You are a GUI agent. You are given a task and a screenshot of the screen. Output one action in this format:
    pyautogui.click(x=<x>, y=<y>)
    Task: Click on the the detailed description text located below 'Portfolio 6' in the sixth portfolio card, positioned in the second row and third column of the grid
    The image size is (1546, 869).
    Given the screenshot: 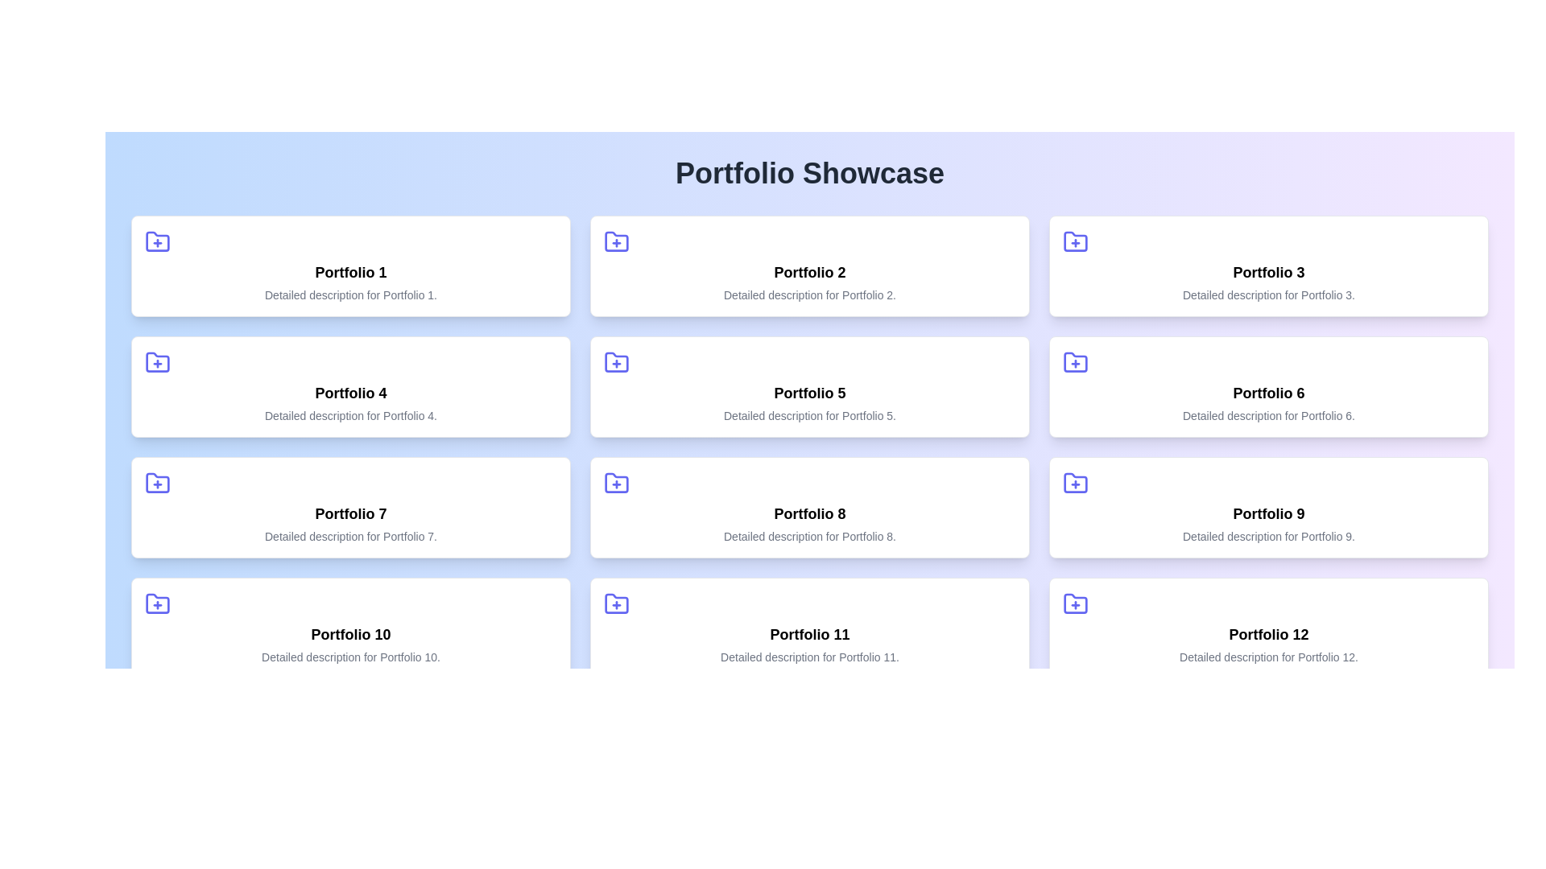 What is the action you would take?
    pyautogui.click(x=1267, y=414)
    